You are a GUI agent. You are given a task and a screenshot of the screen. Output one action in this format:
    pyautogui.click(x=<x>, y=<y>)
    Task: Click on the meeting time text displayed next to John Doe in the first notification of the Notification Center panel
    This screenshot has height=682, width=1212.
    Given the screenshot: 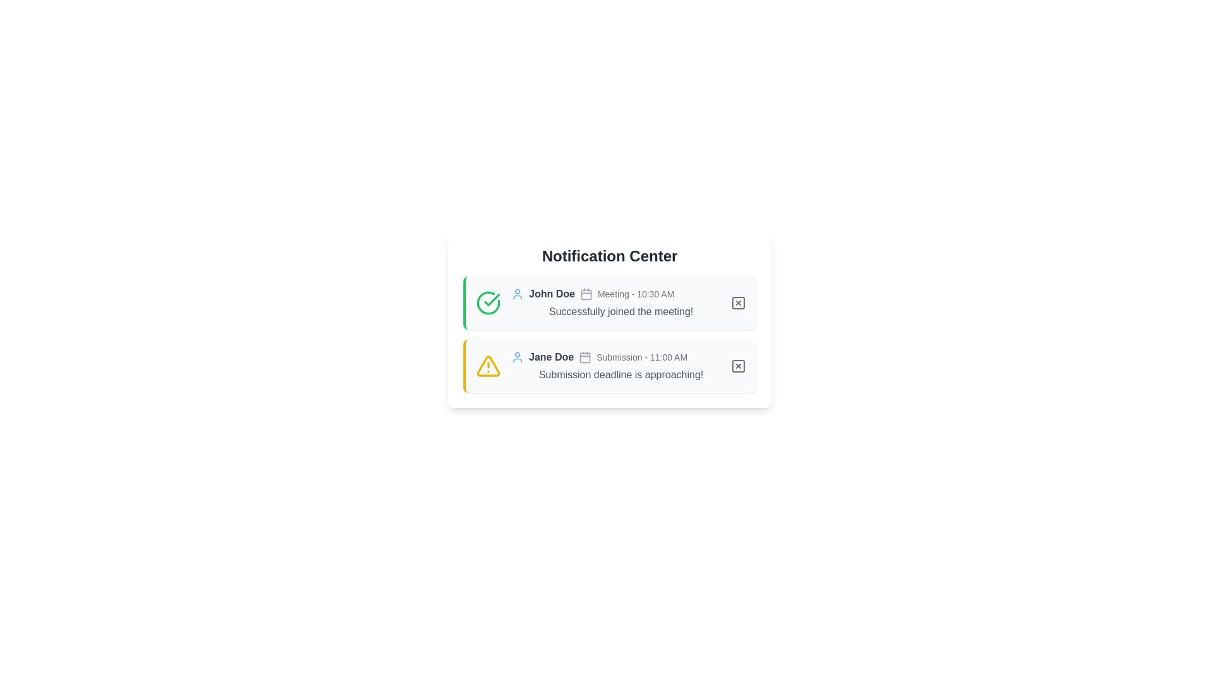 What is the action you would take?
    pyautogui.click(x=636, y=294)
    